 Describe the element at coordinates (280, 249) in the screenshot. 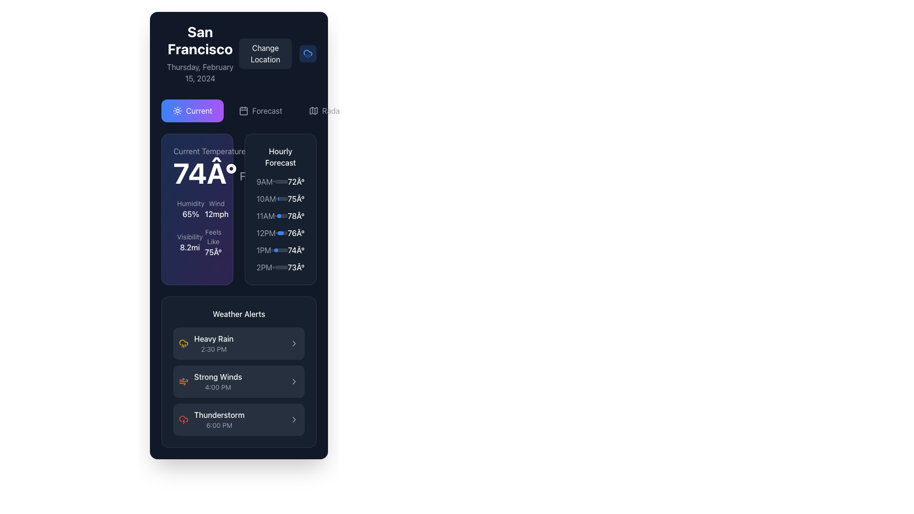

I see `the width of the horizontal progress bar in the 'Hourly Forecast' section, located between '1PM' and '74°'` at that location.